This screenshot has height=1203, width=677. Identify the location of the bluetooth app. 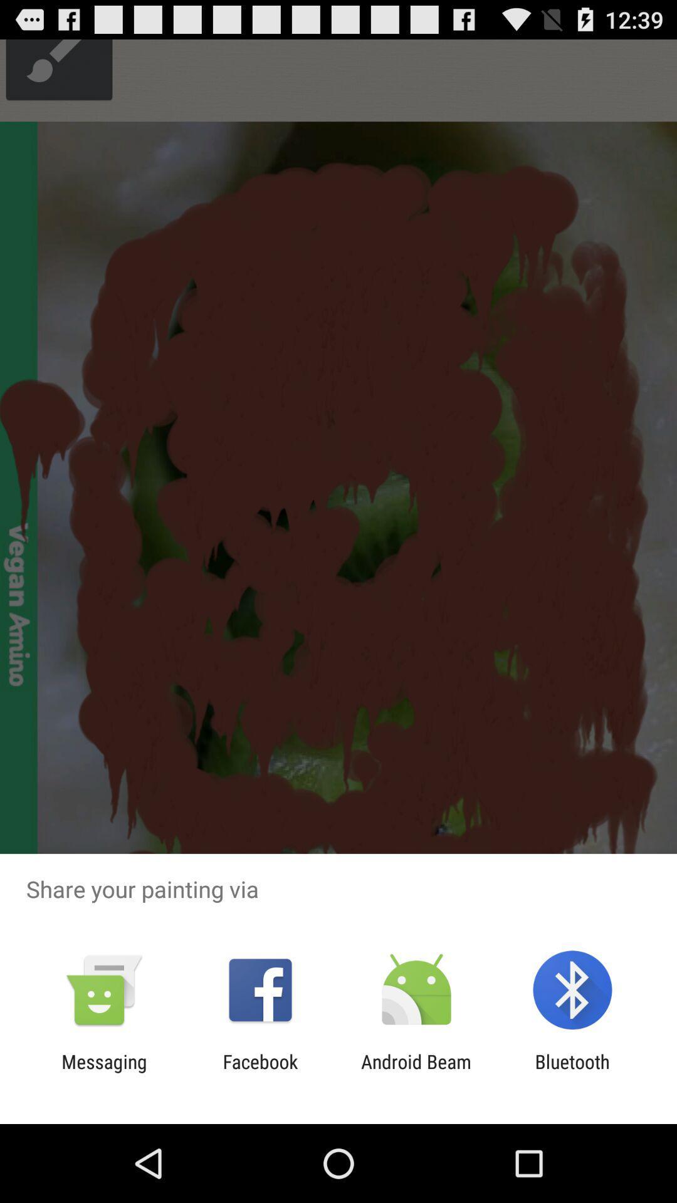
(572, 1072).